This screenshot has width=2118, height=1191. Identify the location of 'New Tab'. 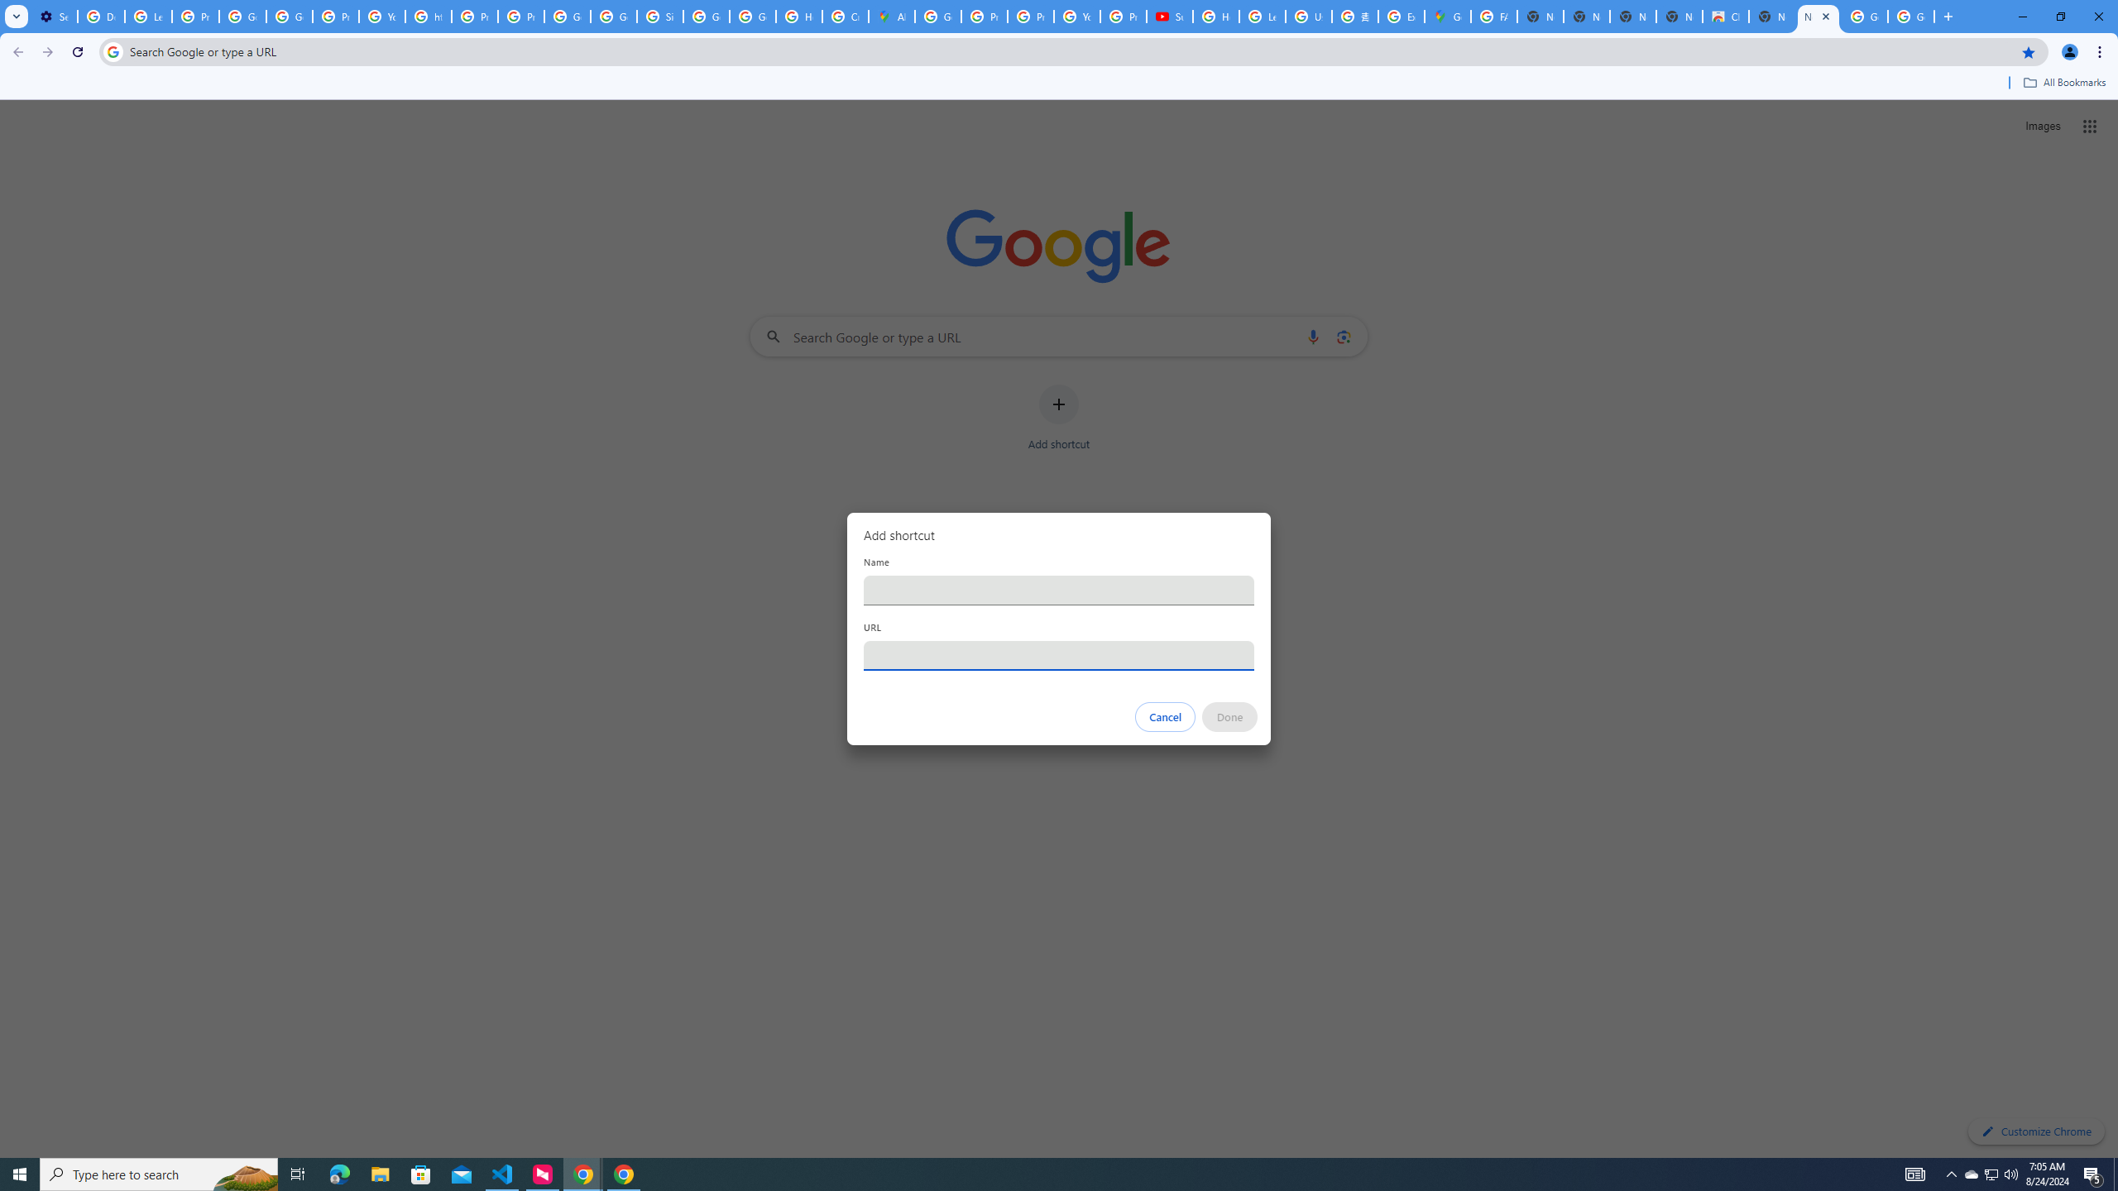
(1818, 16).